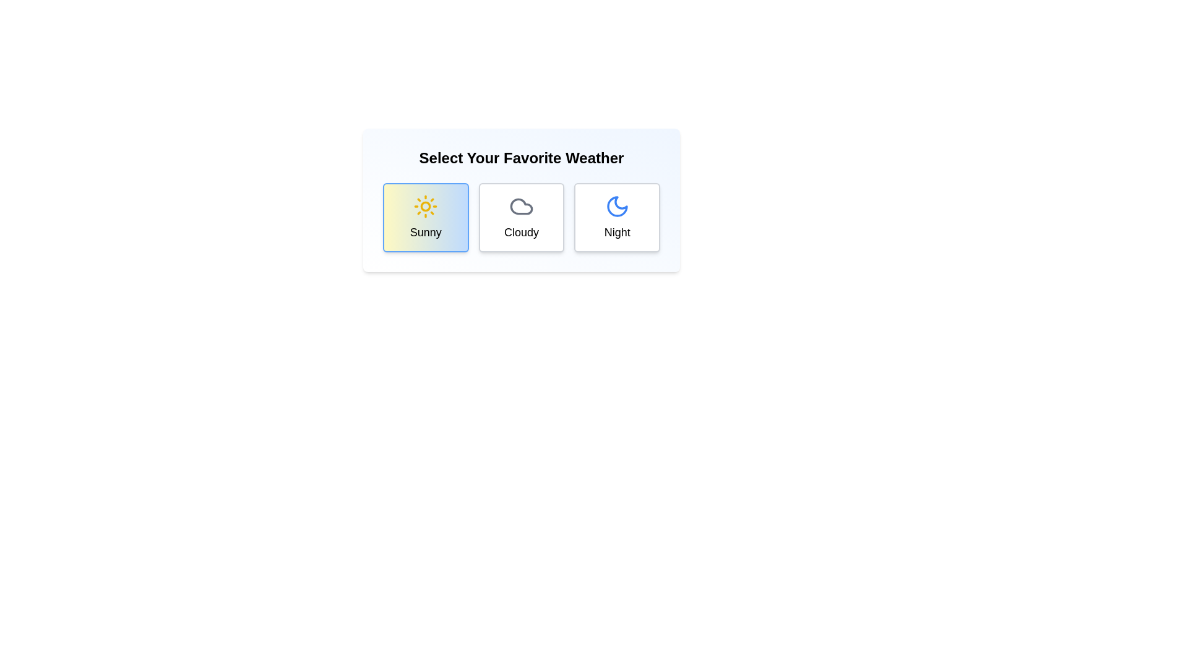  Describe the element at coordinates (426, 232) in the screenshot. I see `the descriptive text label located just below the sun icon in the first weather option` at that location.